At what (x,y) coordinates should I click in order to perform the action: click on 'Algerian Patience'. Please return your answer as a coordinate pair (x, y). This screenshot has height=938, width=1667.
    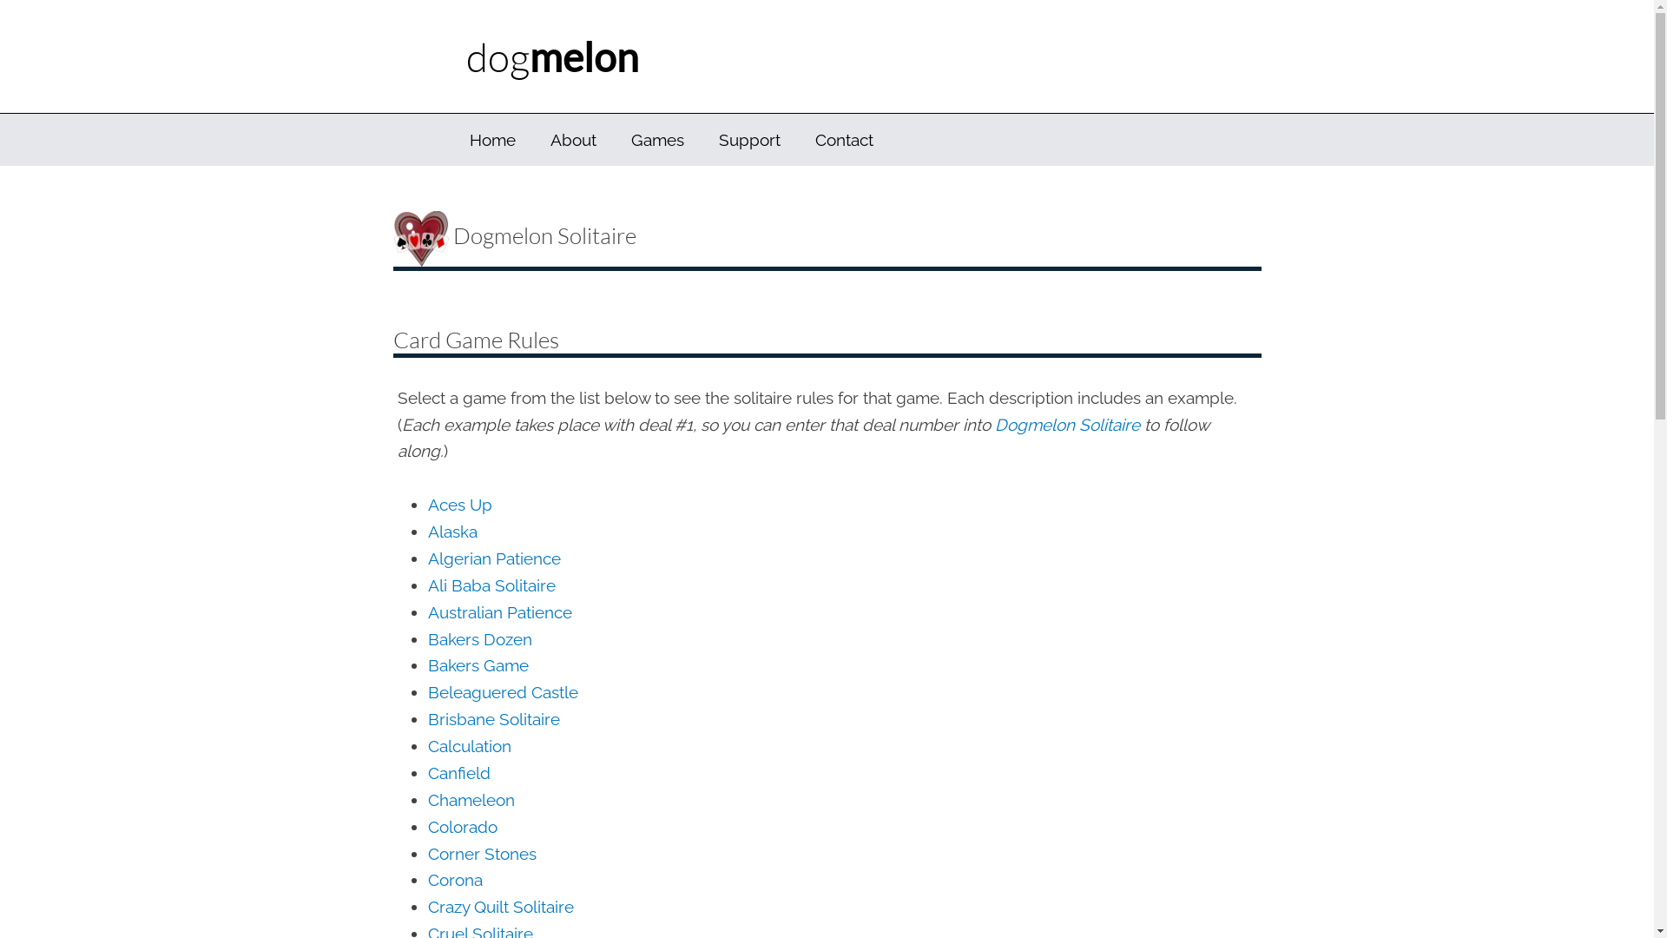
    Looking at the image, I should click on (426, 558).